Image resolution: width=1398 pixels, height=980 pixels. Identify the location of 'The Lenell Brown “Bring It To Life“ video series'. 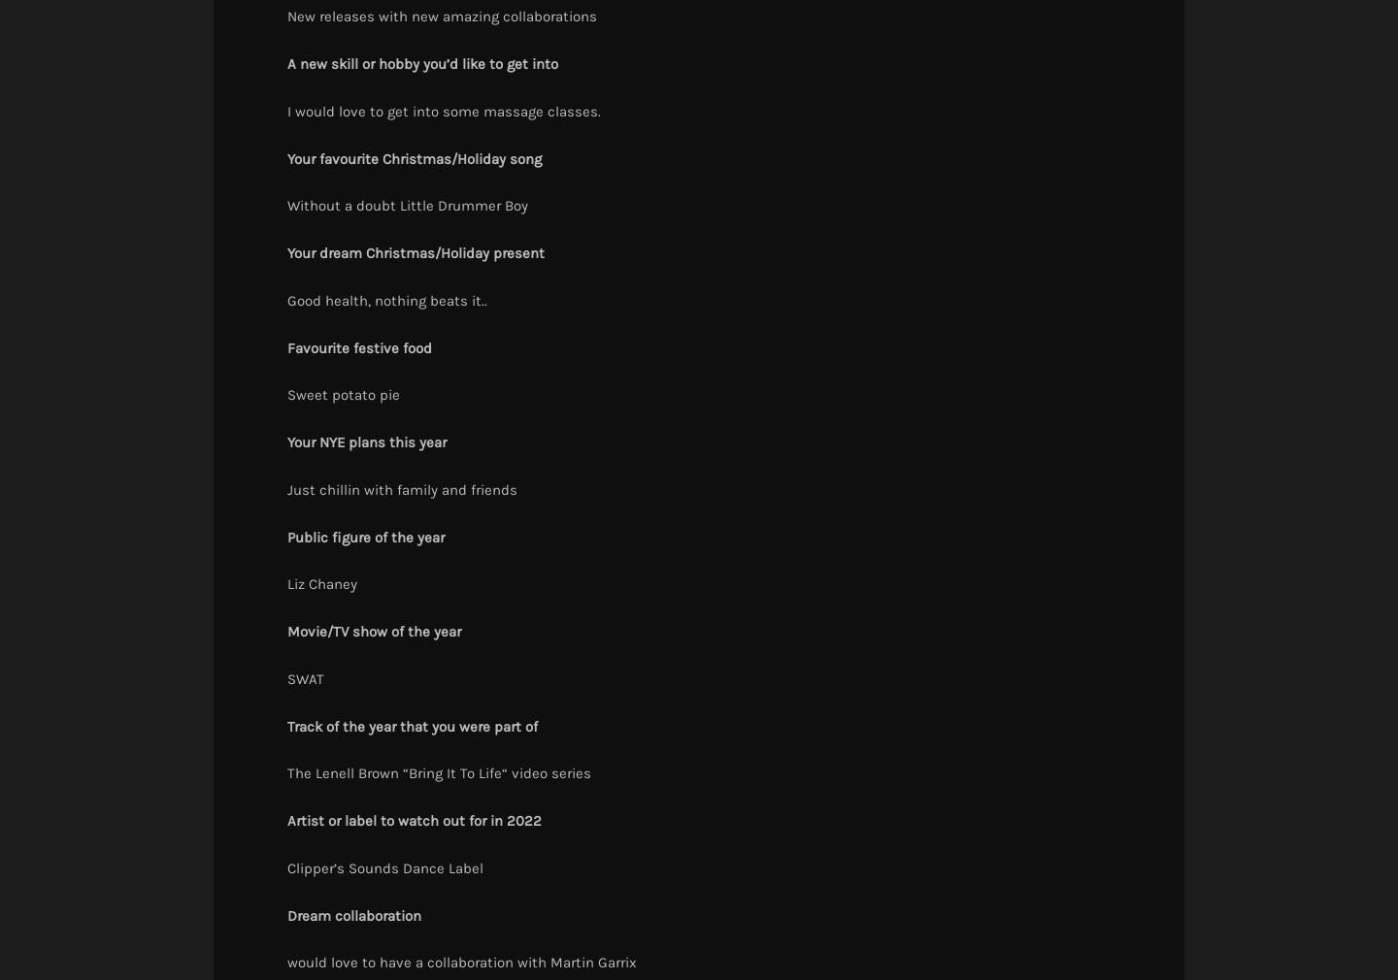
(439, 772).